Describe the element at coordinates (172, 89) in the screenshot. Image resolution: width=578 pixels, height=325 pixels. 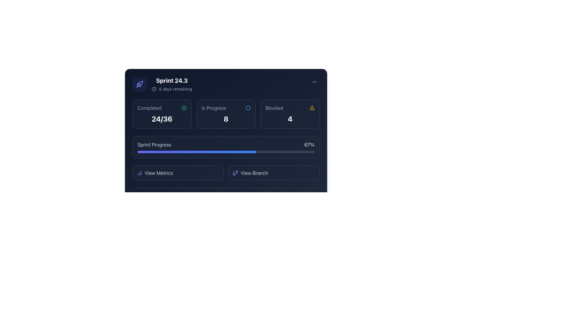
I see `the inline informational text featuring a clock icon and the text '8 days remaining', positioned below the title 'Sprint 24.3'` at that location.